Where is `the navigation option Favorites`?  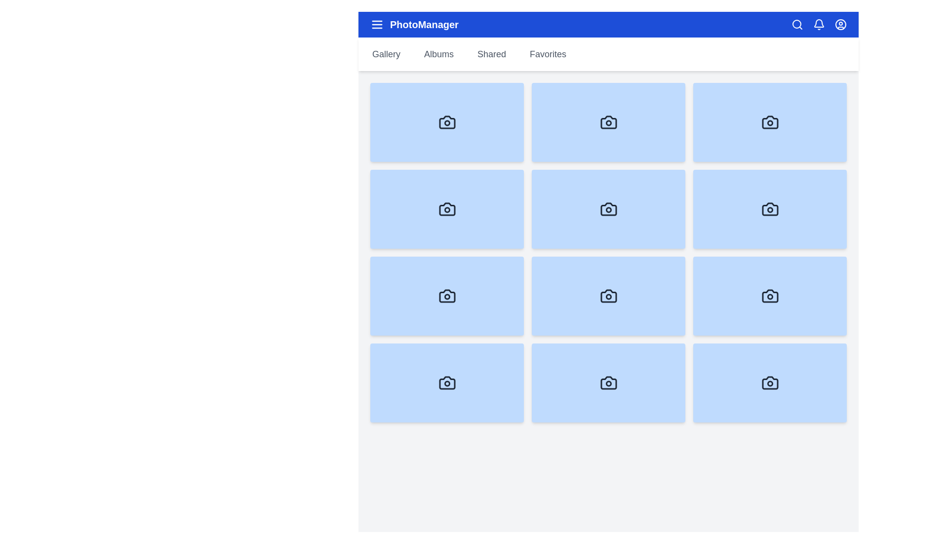 the navigation option Favorites is located at coordinates (547, 54).